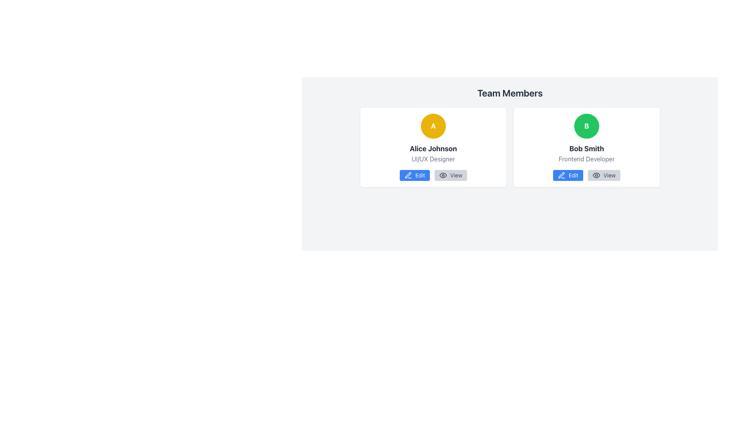 The height and width of the screenshot is (422, 751). What do you see at coordinates (408, 175) in the screenshot?
I see `the pen-shaped icon that represents the 'Edit' functionality for Alice Johnson, located to the left of the blue 'Edit' button in the Team Members section` at bounding box center [408, 175].